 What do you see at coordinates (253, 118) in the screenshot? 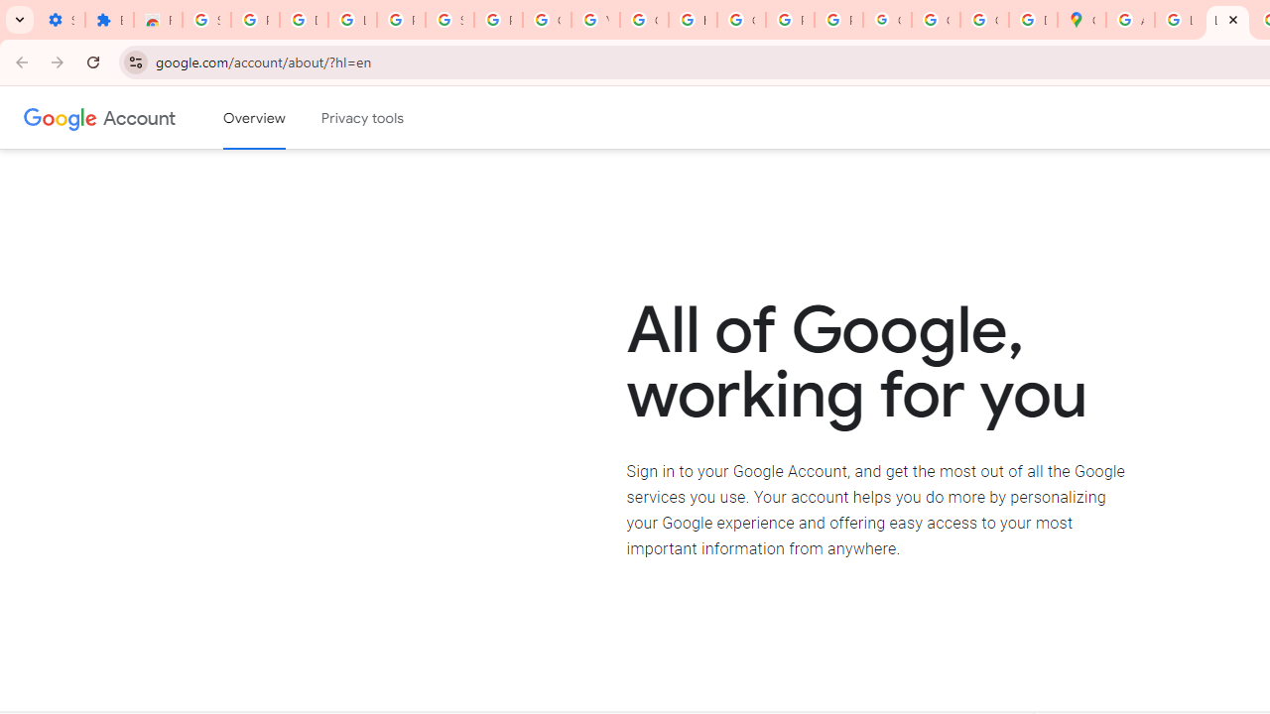
I see `'Google Account overview'` at bounding box center [253, 118].